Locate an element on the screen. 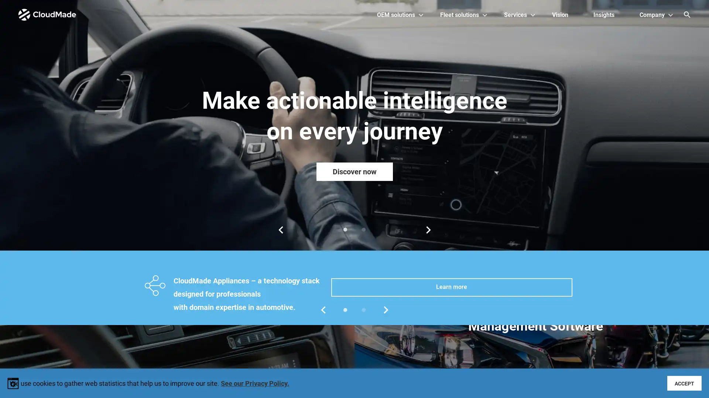 The image size is (709, 398). Previous is located at coordinates (323, 310).